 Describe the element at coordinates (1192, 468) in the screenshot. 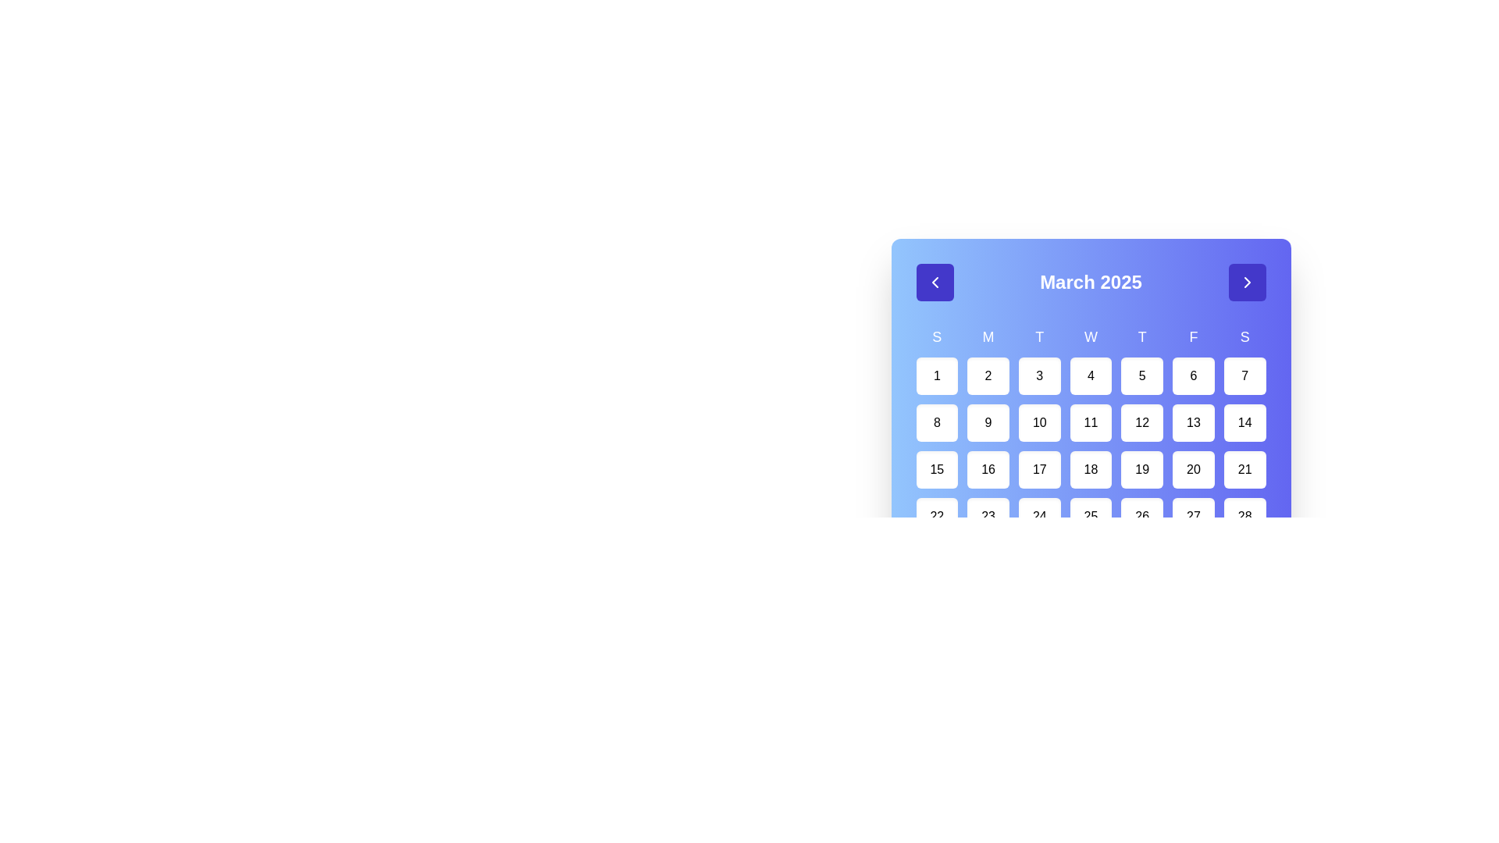

I see `the calendar button representing the specific day in the fourth row and sixth column` at that location.